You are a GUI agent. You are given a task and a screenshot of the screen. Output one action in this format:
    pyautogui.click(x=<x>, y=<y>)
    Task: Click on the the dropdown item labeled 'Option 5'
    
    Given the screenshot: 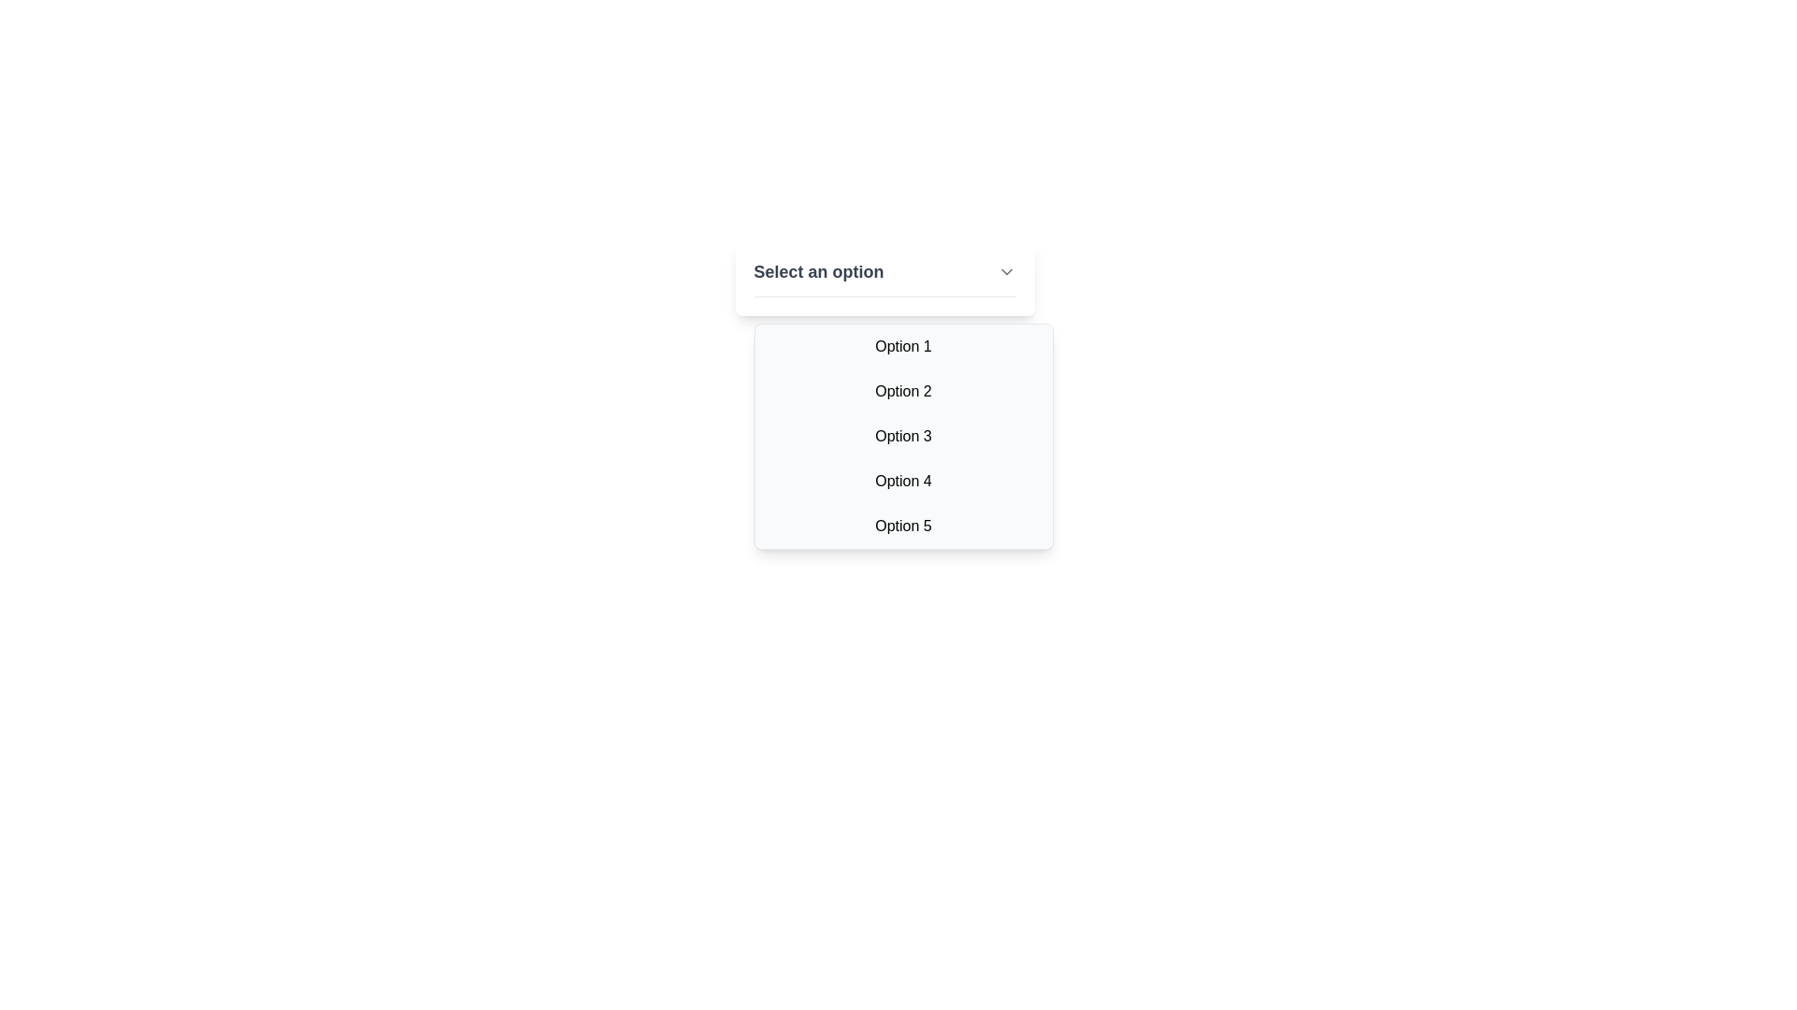 What is the action you would take?
    pyautogui.click(x=903, y=527)
    